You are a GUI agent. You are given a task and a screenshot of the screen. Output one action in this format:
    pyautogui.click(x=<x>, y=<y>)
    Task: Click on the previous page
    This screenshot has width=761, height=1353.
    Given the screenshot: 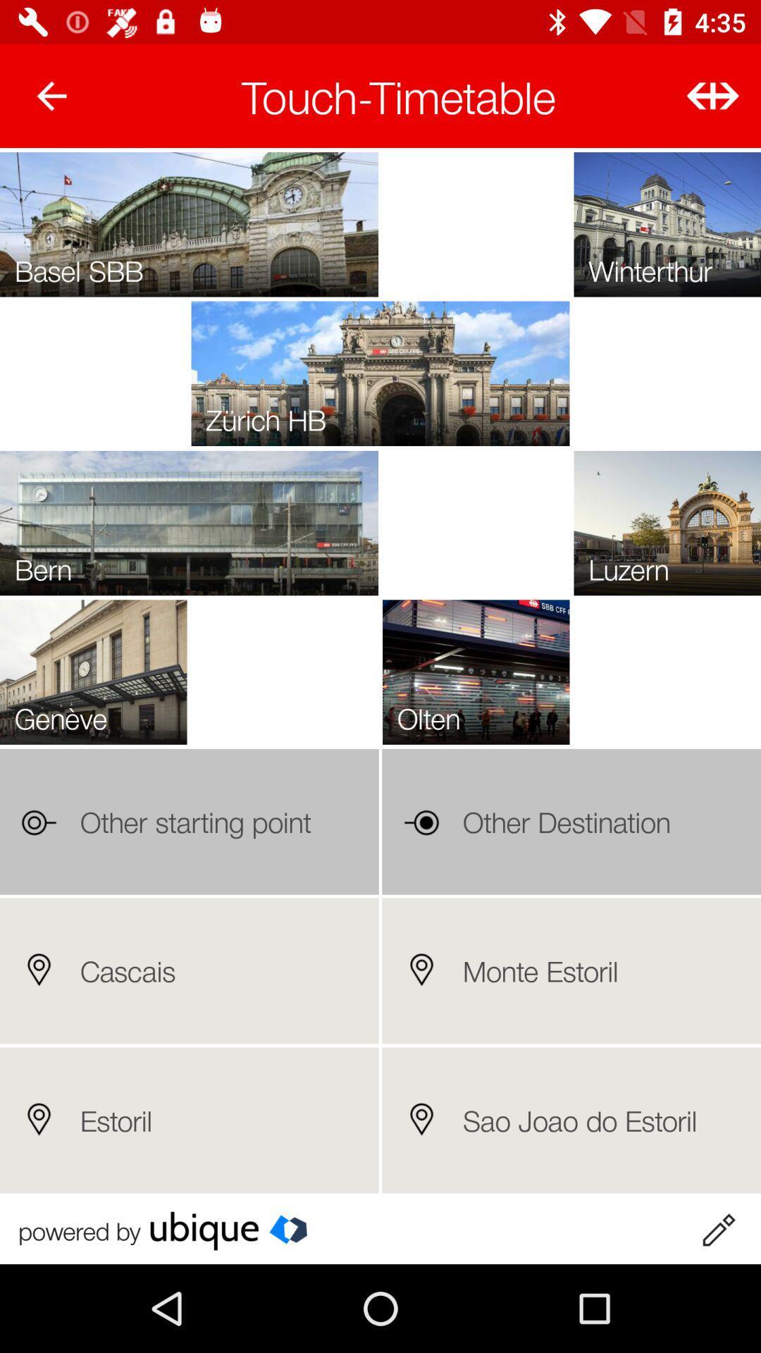 What is the action you would take?
    pyautogui.click(x=51, y=95)
    